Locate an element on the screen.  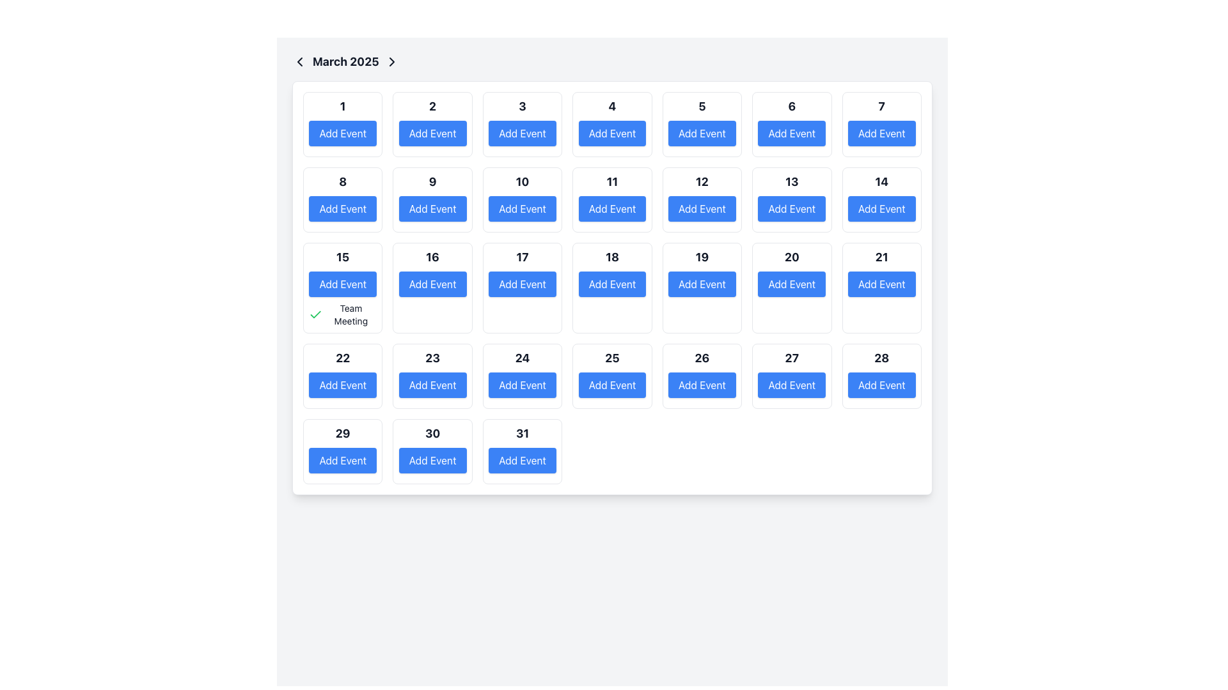
the Text Display element that conveys the calendar date '9', which is centrally placed in the second row and third column of the calendar grid is located at coordinates (432, 182).